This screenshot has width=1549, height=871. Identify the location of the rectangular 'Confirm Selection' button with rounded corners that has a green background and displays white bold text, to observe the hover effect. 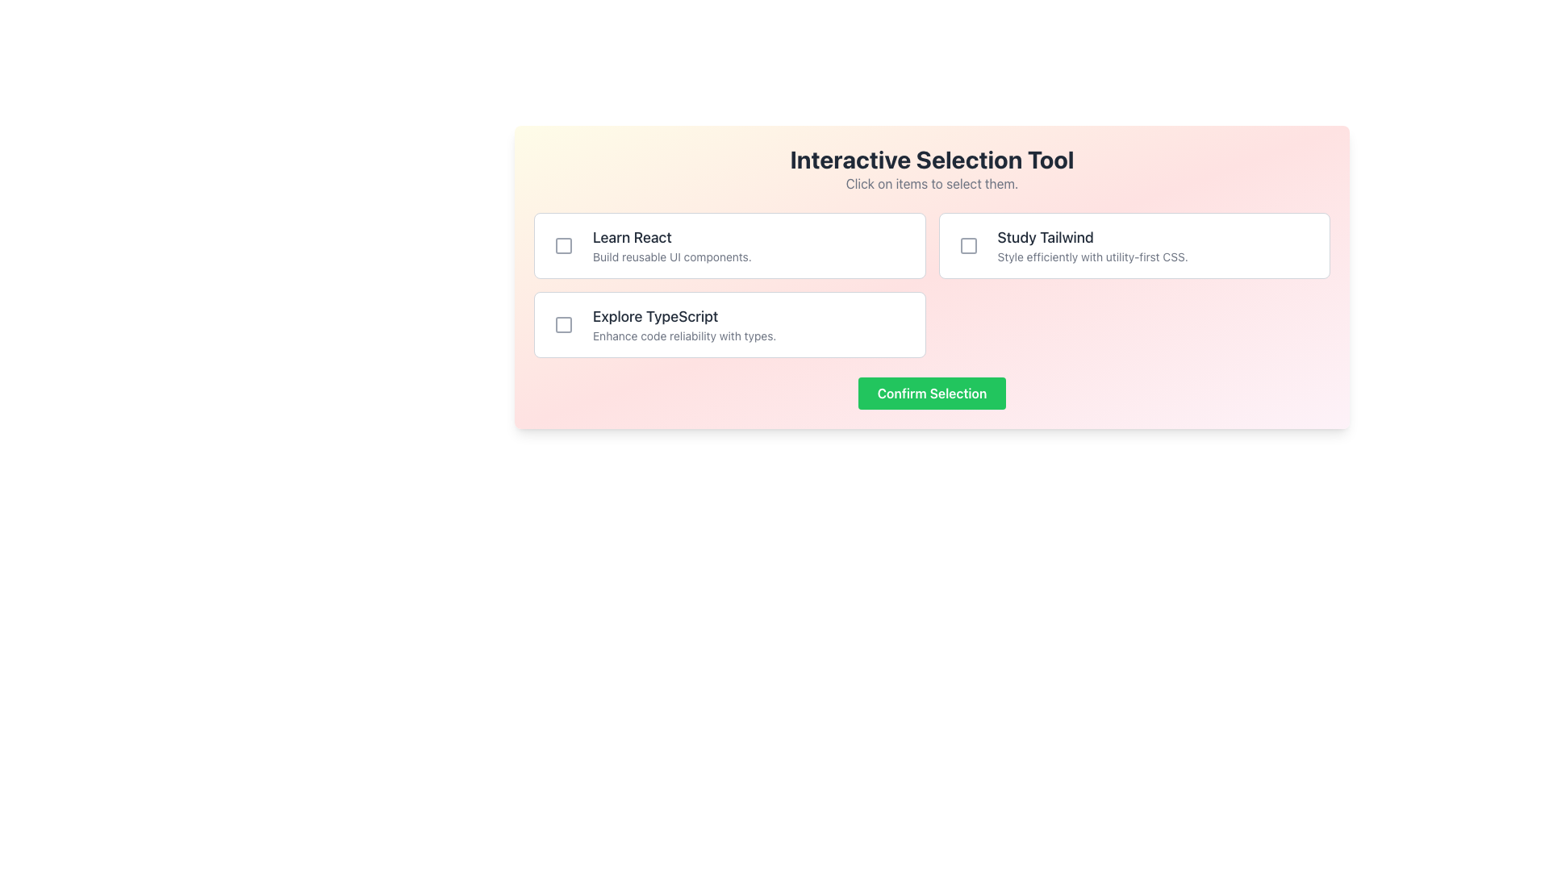
(932, 394).